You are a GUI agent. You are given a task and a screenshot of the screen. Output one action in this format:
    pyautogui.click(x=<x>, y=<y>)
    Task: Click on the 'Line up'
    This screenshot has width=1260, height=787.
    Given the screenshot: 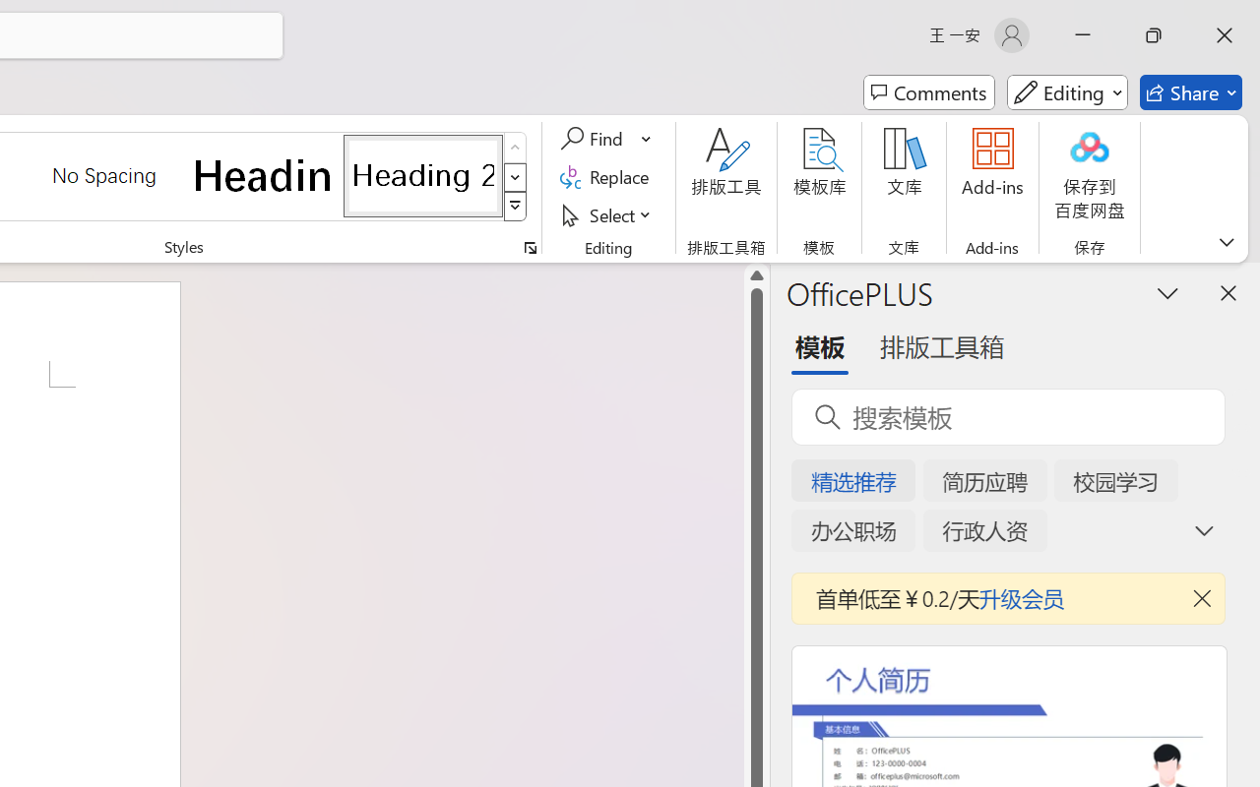 What is the action you would take?
    pyautogui.click(x=756, y=275)
    